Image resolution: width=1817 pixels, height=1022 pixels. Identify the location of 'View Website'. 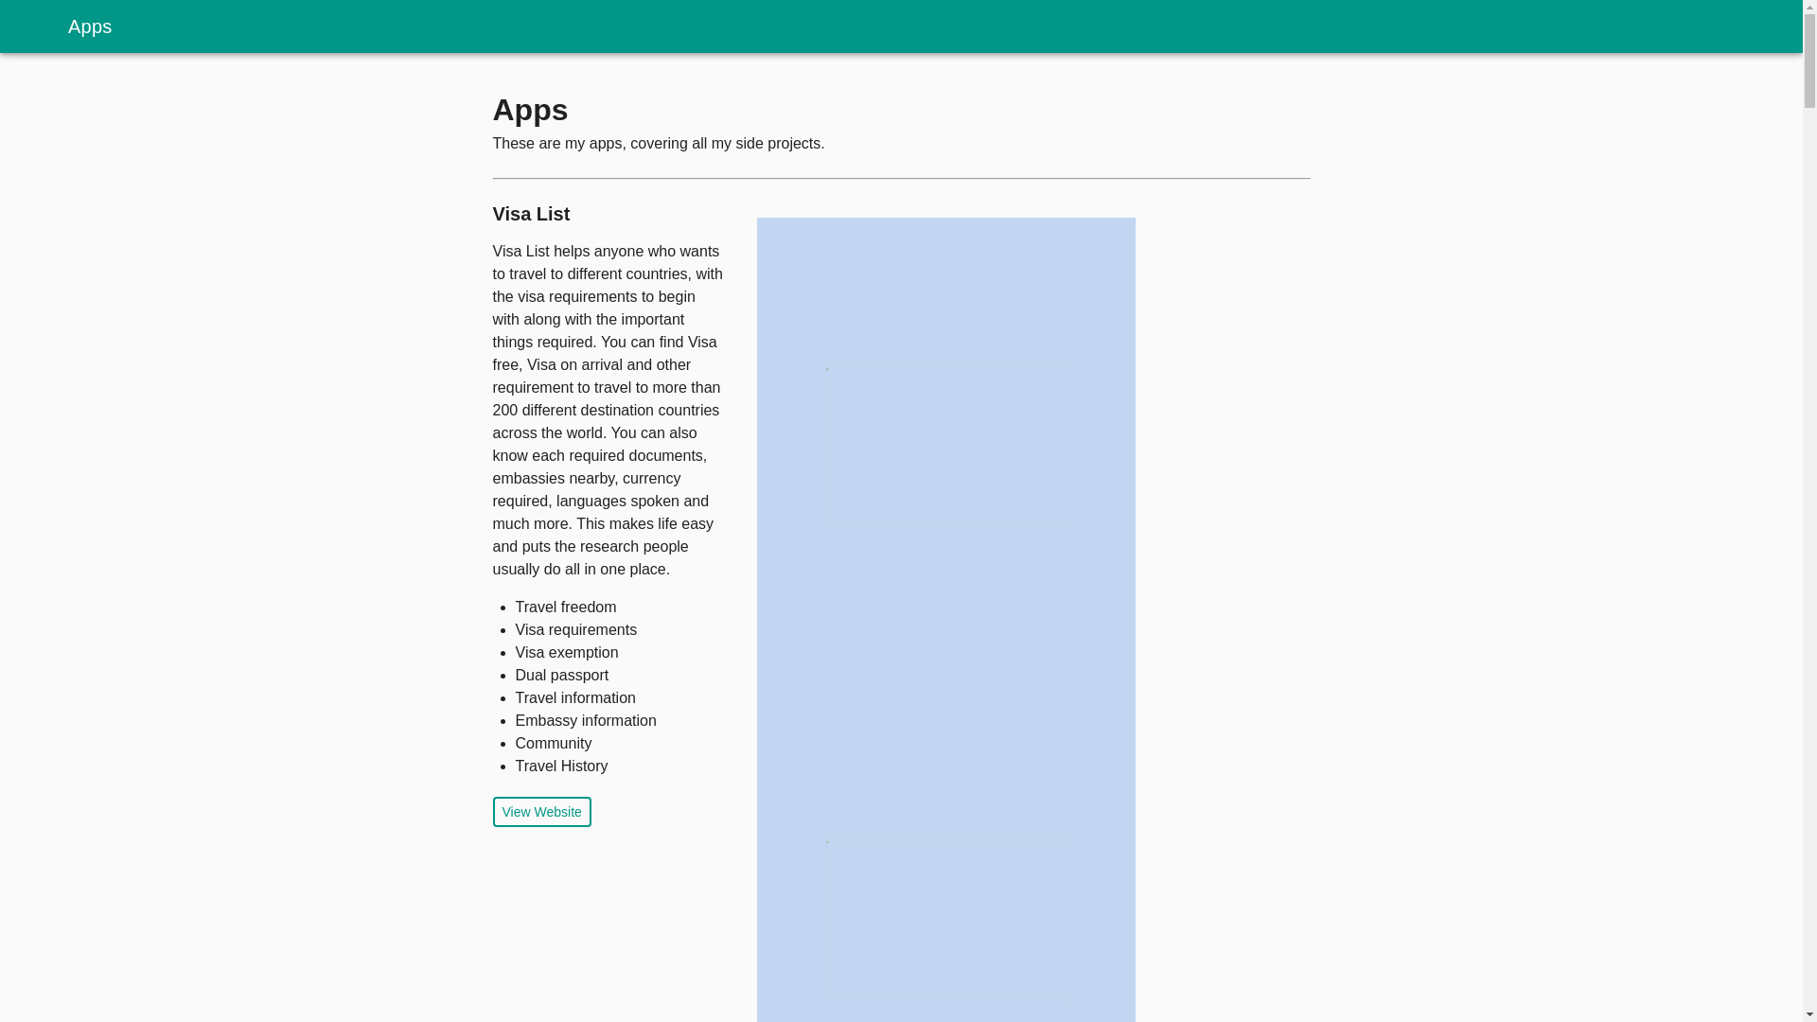
(539, 810).